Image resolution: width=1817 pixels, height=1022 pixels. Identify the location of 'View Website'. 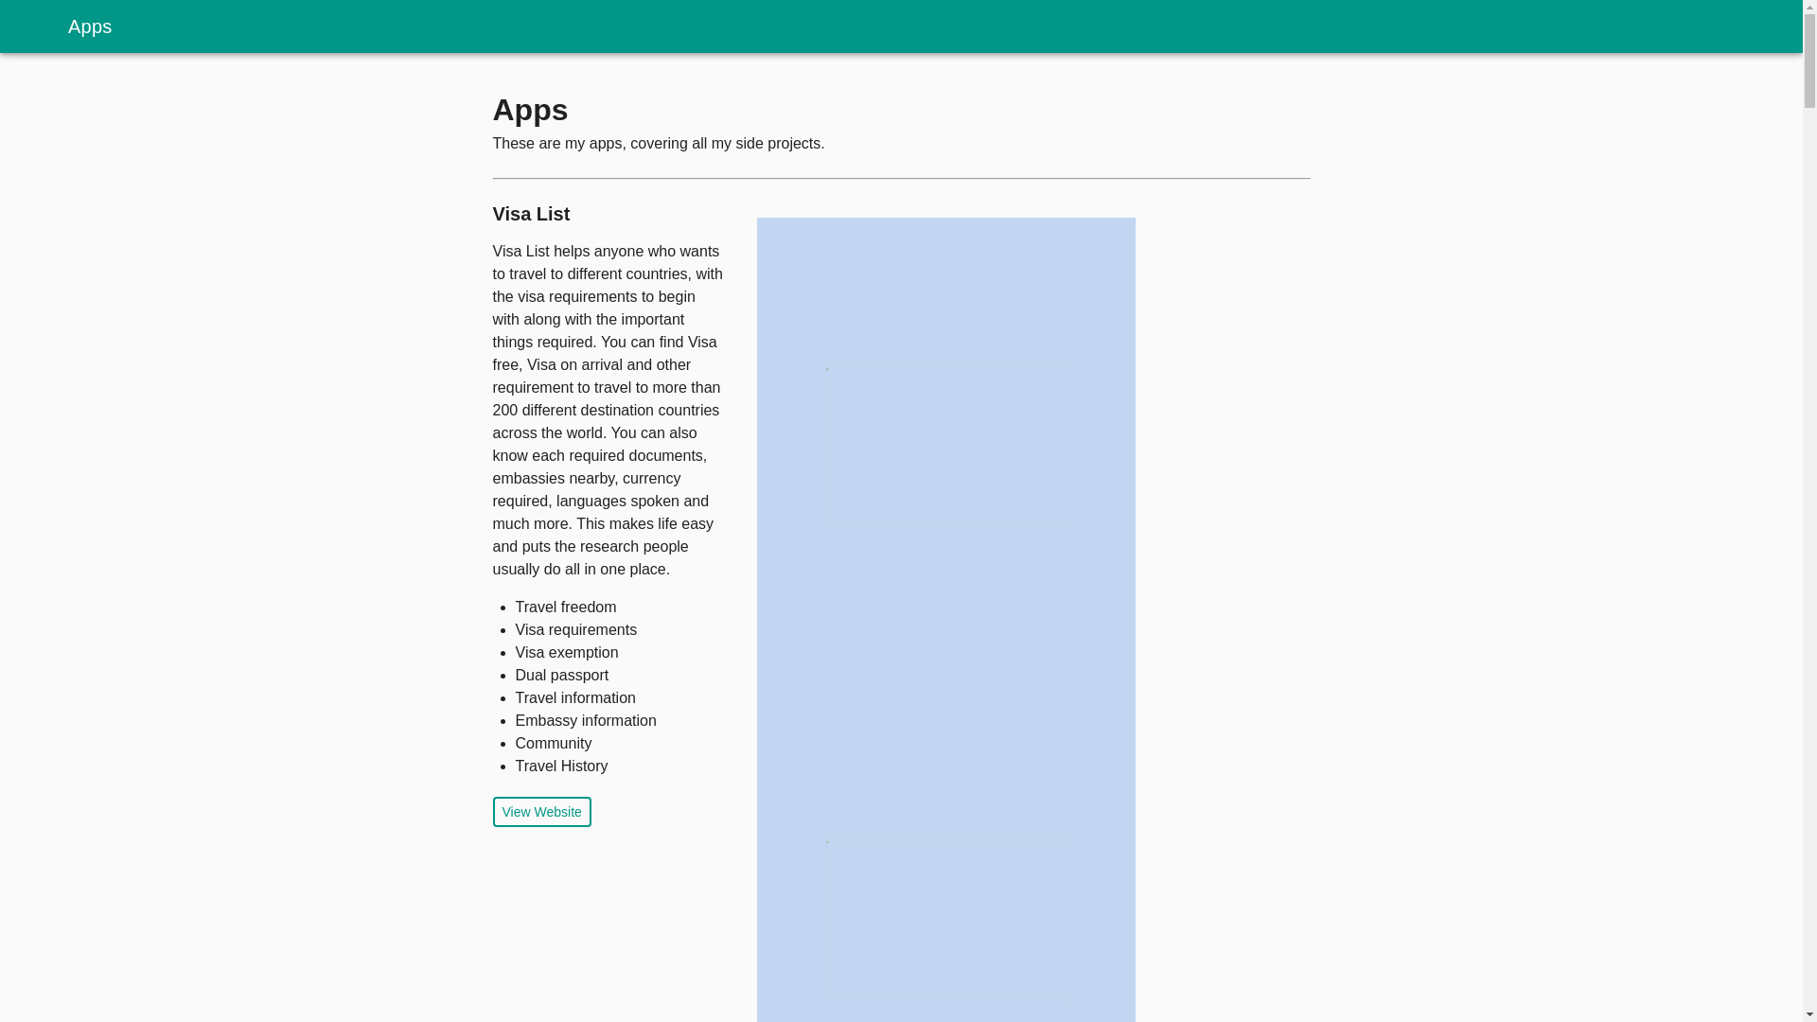
(539, 810).